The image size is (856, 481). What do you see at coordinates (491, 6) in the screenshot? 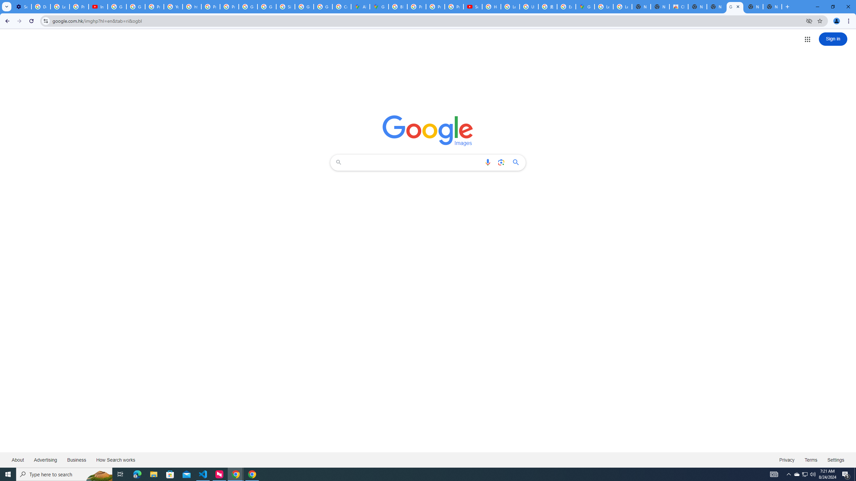
I see `'How Chrome protects your passwords - Google Chrome Help'` at bounding box center [491, 6].